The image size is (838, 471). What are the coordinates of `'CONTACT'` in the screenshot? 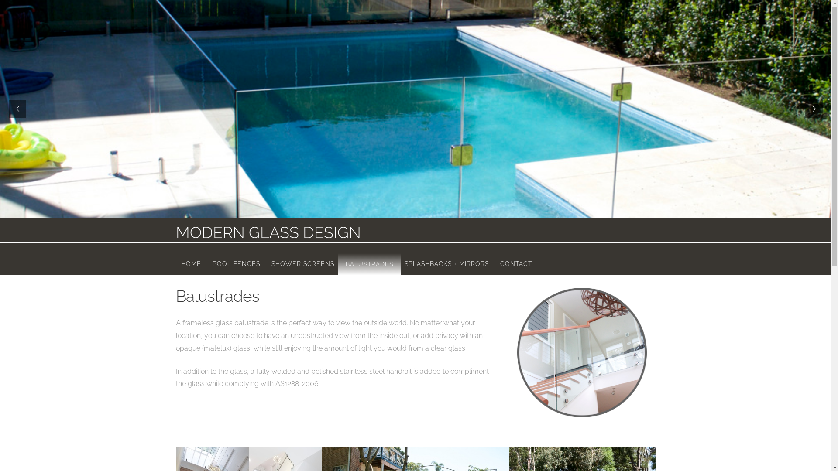 It's located at (494, 262).